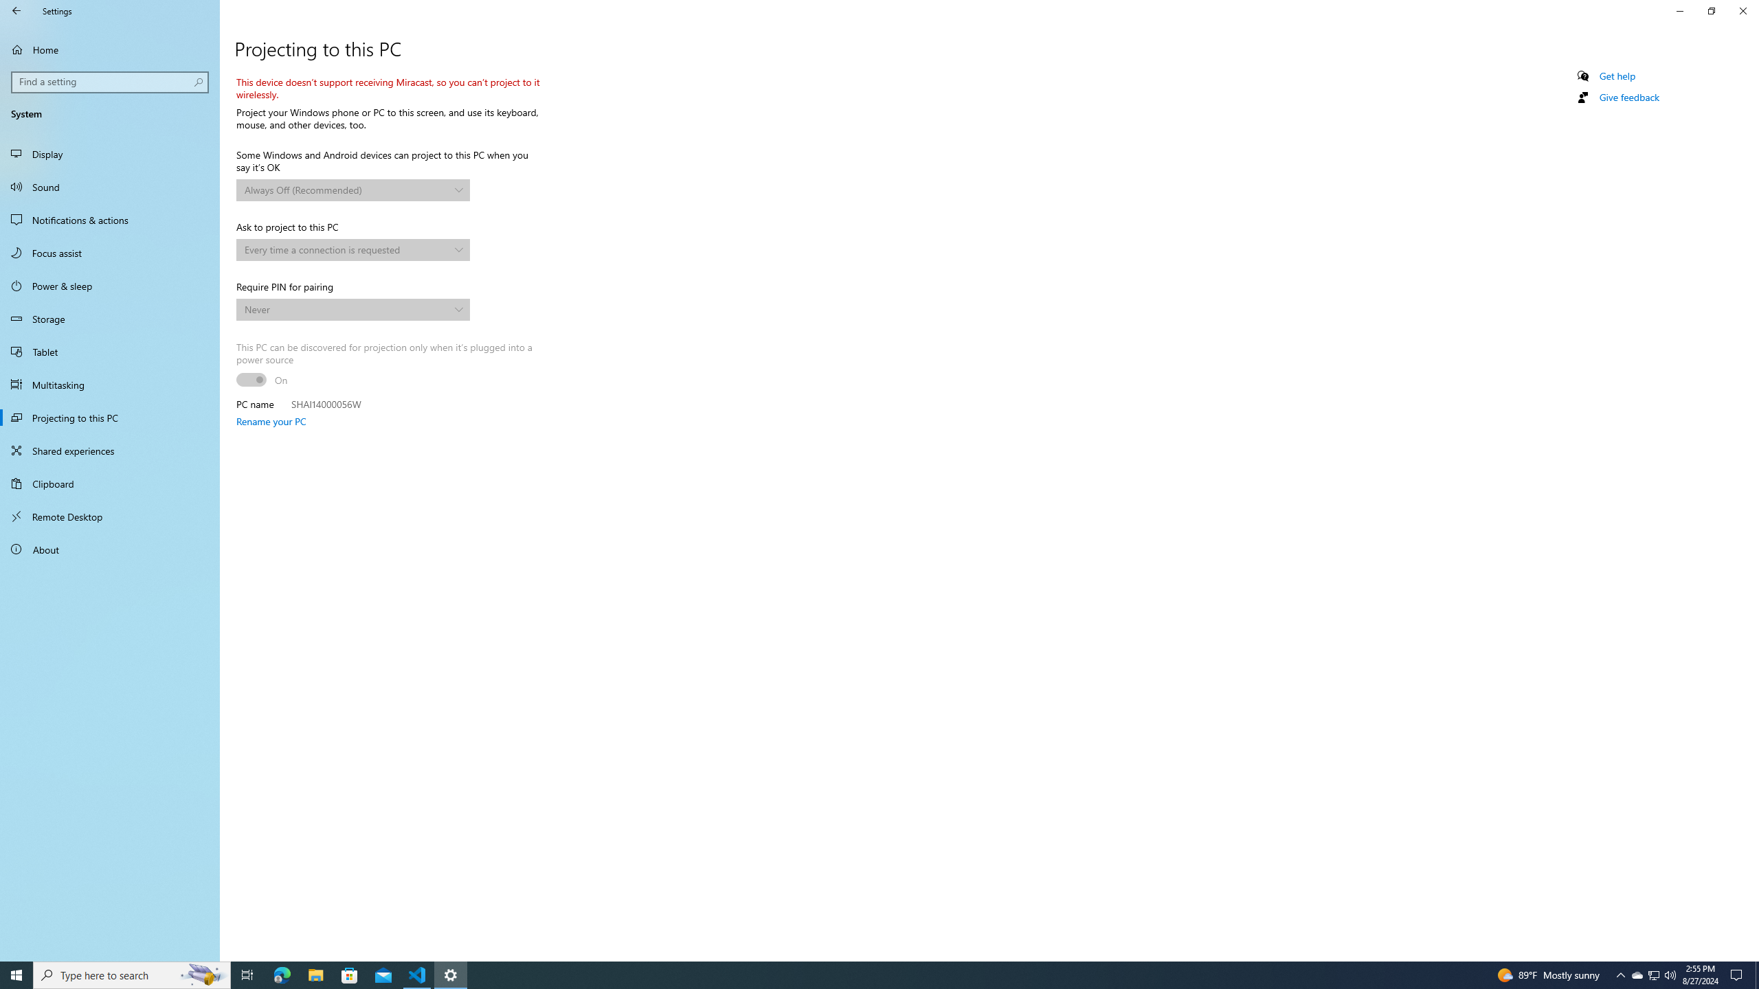 The image size is (1759, 989). I want to click on 'Display', so click(109, 152).